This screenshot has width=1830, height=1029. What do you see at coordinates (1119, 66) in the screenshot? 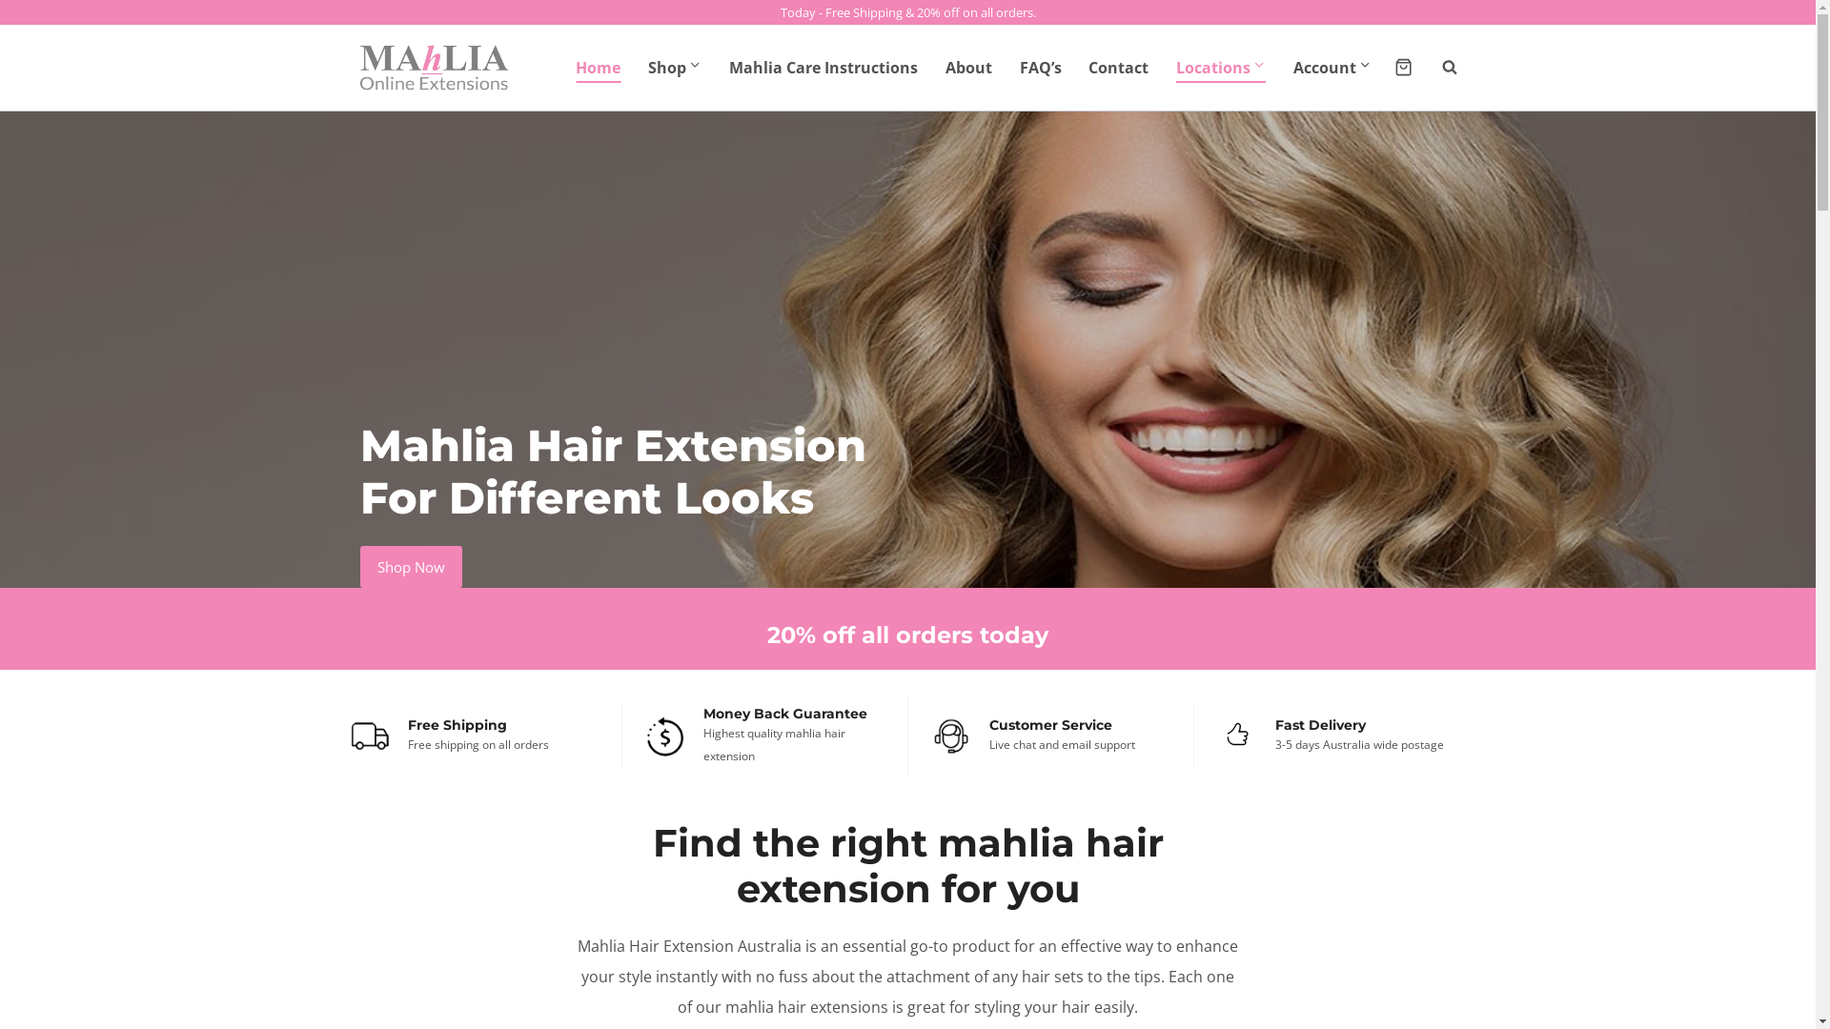
I see `'Contact'` at bounding box center [1119, 66].